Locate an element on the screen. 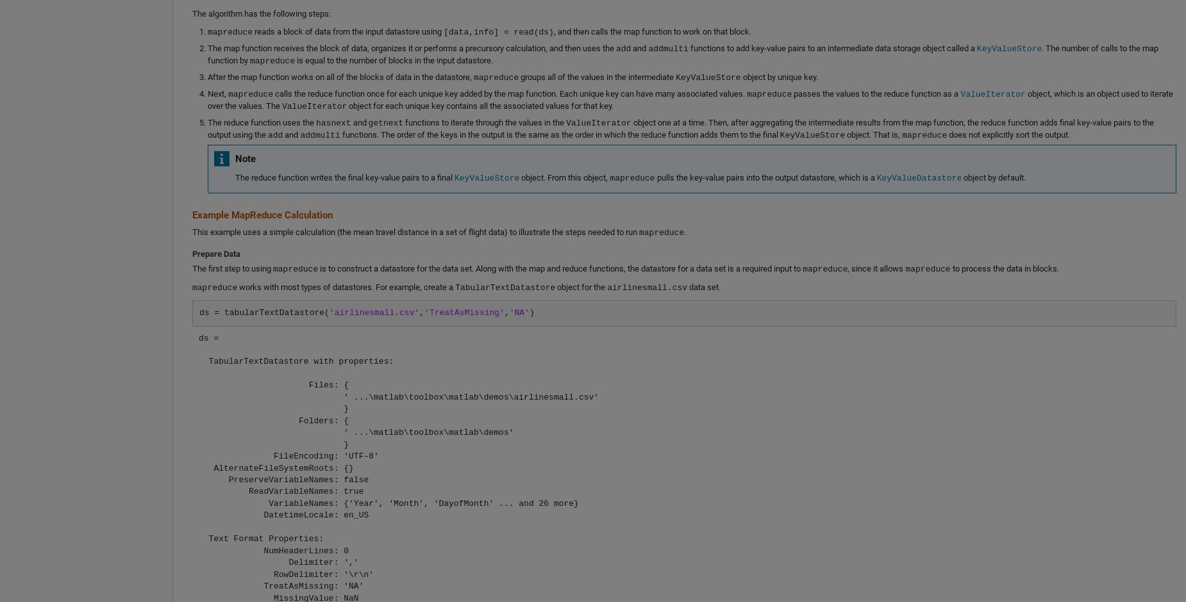 The image size is (1186, 602). 'ds = tabularTextDatastore(' is located at coordinates (263, 313).